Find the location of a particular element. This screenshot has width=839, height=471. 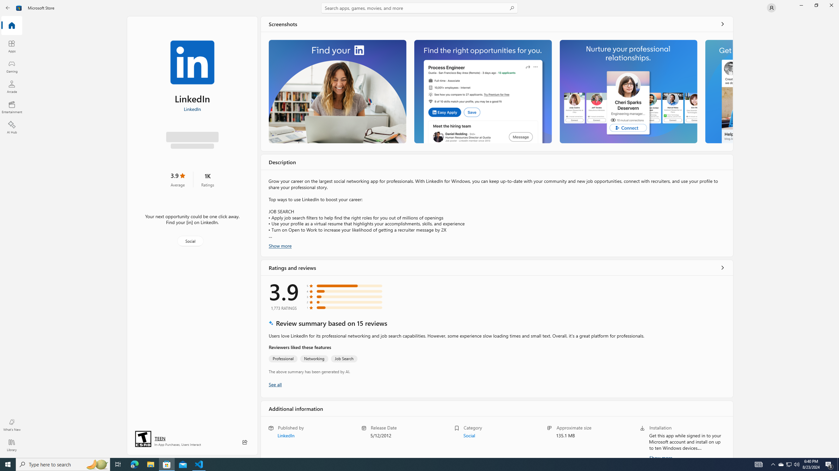

'Arcade' is located at coordinates (11, 86).